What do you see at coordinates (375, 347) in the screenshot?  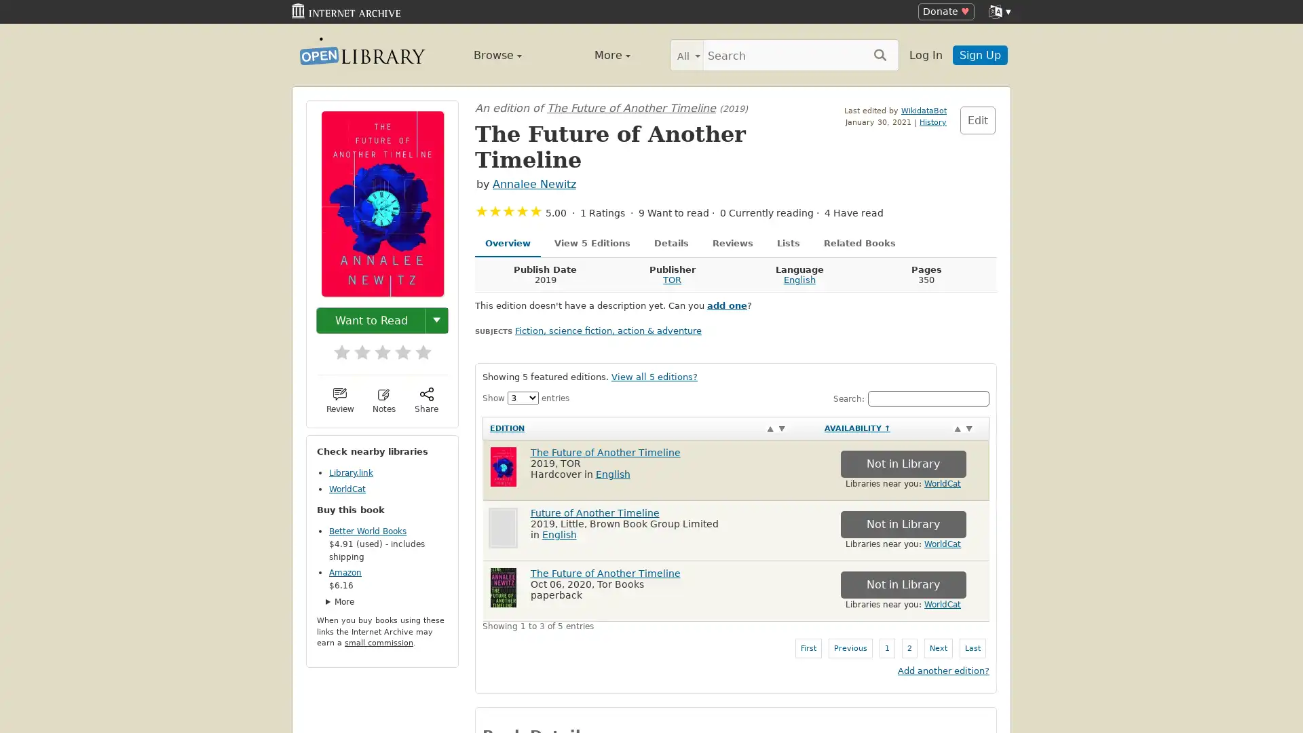 I see `3` at bounding box center [375, 347].